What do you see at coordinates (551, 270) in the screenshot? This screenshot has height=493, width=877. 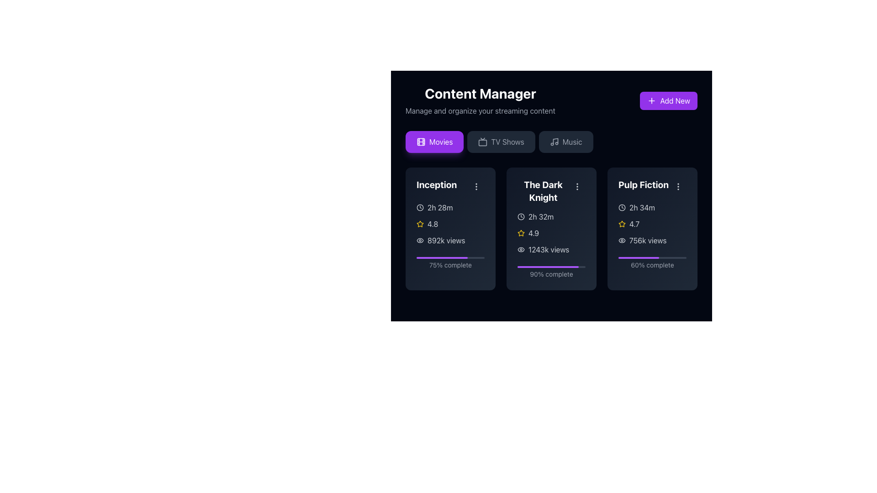 I see `progress represented by the light purple progress bar labeled '90% complete' located at the bottom of the card for 'The Dark Knight'` at bounding box center [551, 270].